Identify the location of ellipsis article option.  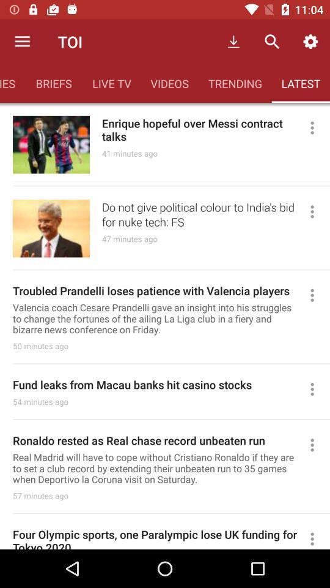
(317, 211).